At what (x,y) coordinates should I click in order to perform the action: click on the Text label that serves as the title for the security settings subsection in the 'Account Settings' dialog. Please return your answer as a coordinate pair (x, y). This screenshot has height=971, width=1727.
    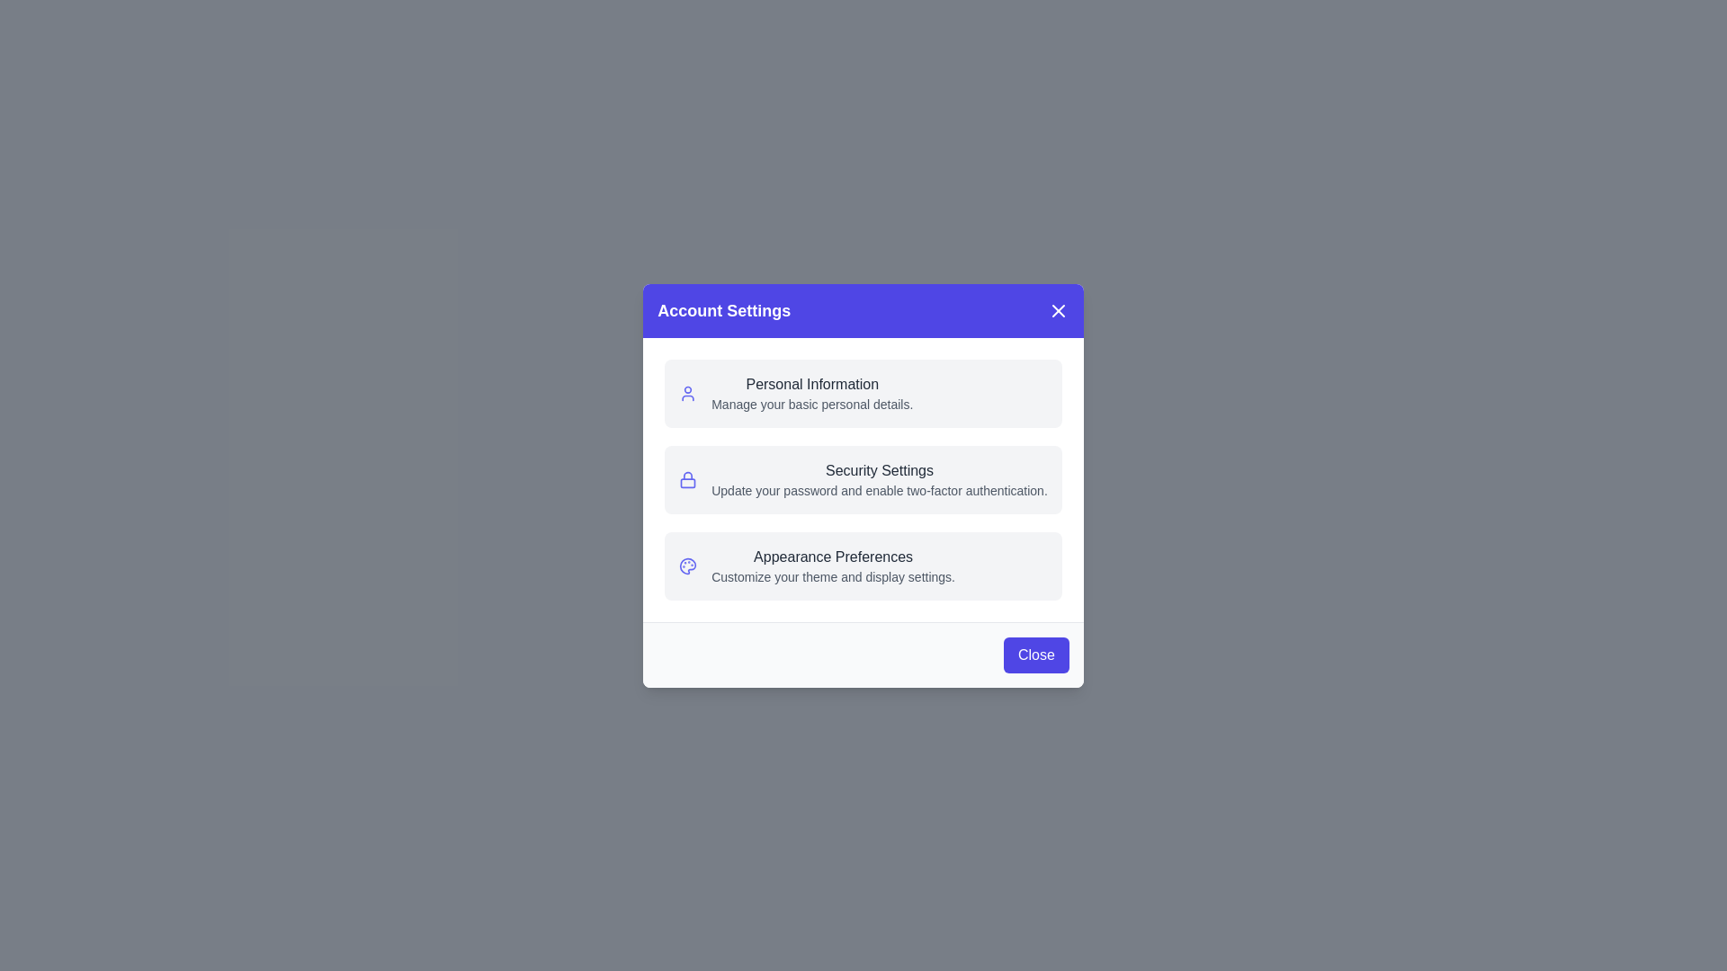
    Looking at the image, I should click on (880, 469).